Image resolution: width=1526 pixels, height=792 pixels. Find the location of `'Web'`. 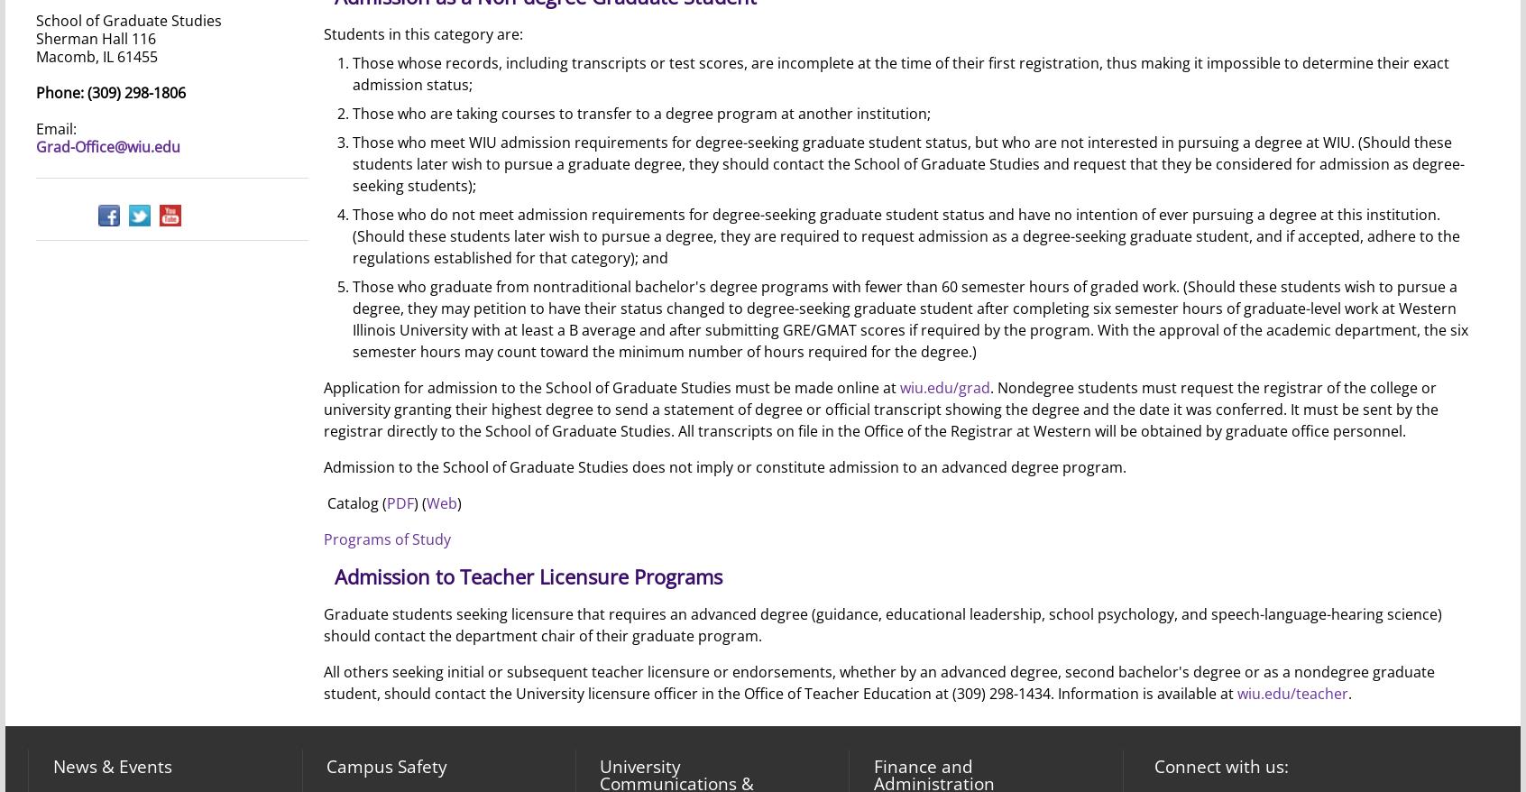

'Web' is located at coordinates (425, 502).